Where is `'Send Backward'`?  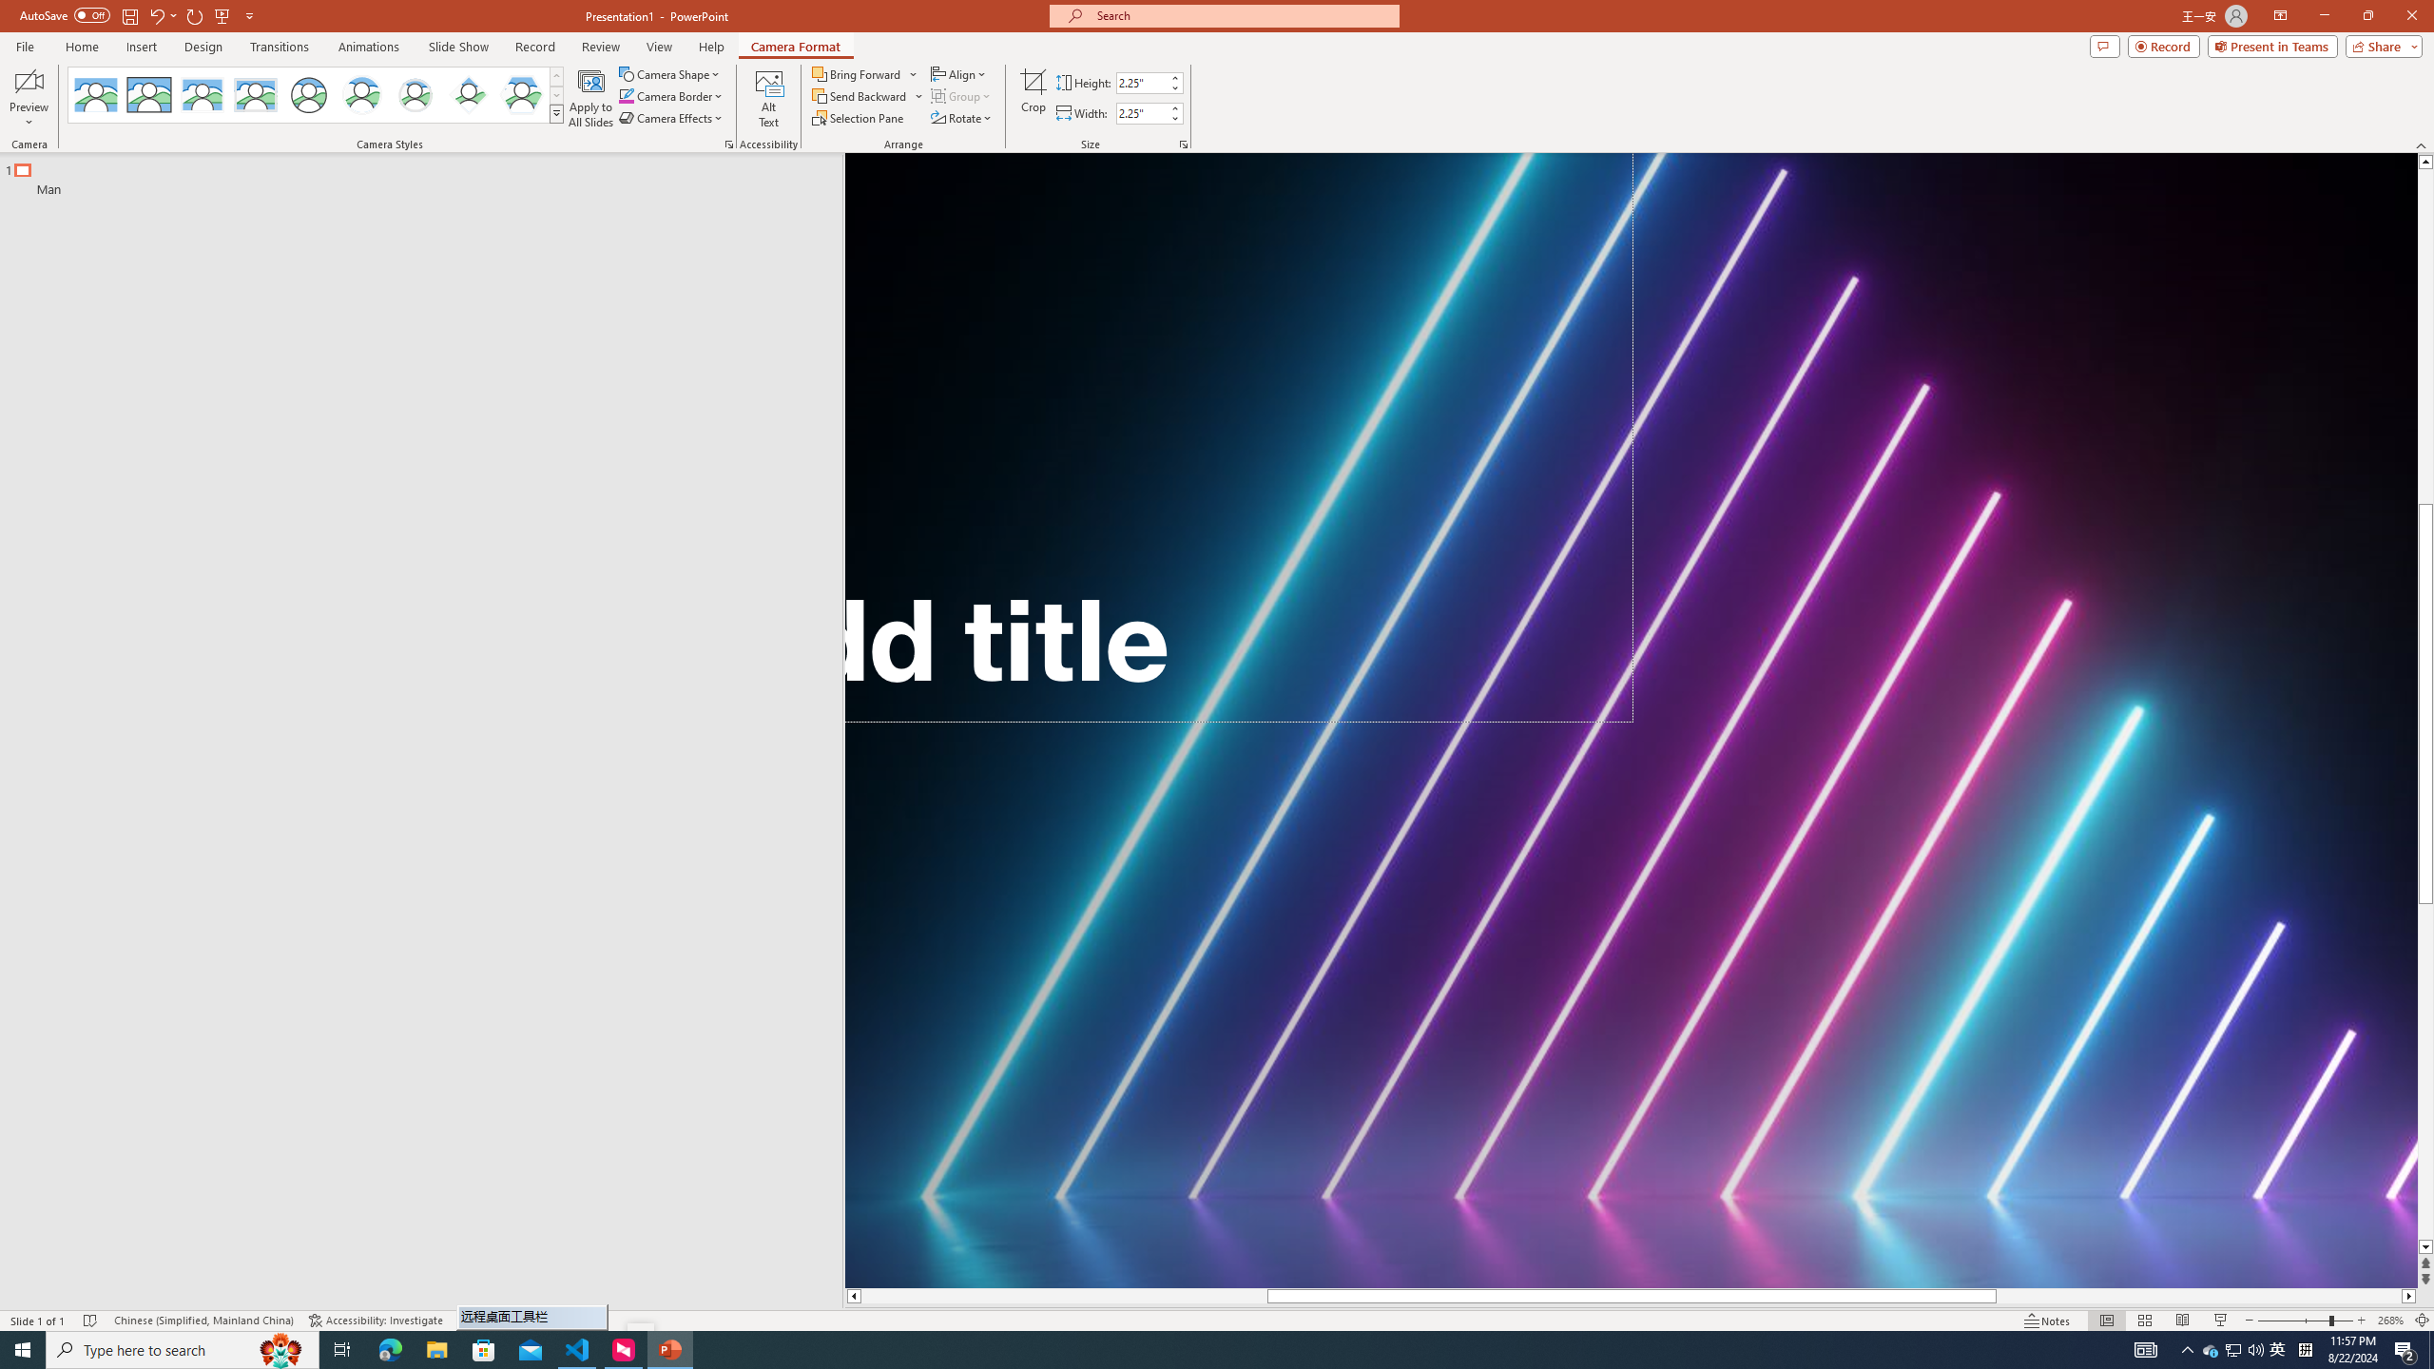
'Send Backward' is located at coordinates (867, 94).